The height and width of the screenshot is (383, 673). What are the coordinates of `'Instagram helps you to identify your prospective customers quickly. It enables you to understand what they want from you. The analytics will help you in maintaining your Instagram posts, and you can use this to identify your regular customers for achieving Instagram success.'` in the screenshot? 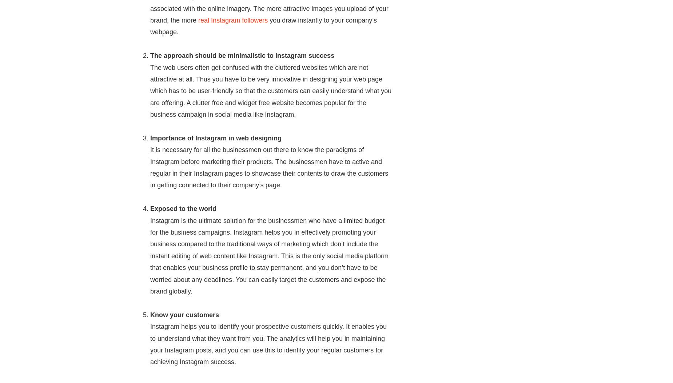 It's located at (268, 344).